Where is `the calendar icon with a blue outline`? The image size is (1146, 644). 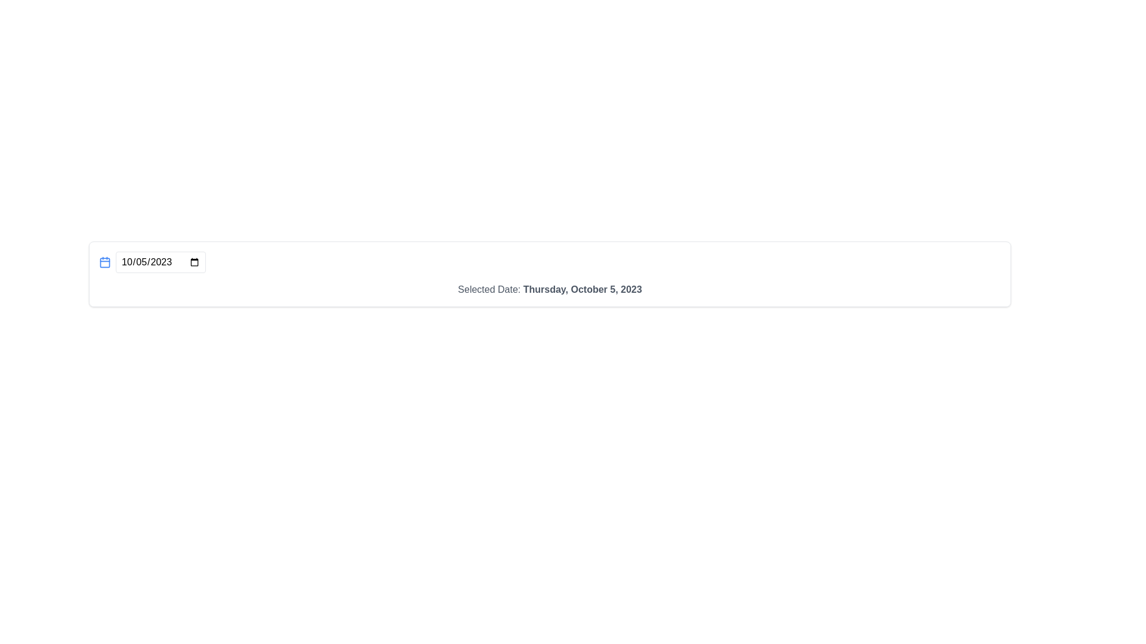 the calendar icon with a blue outline is located at coordinates (105, 261).